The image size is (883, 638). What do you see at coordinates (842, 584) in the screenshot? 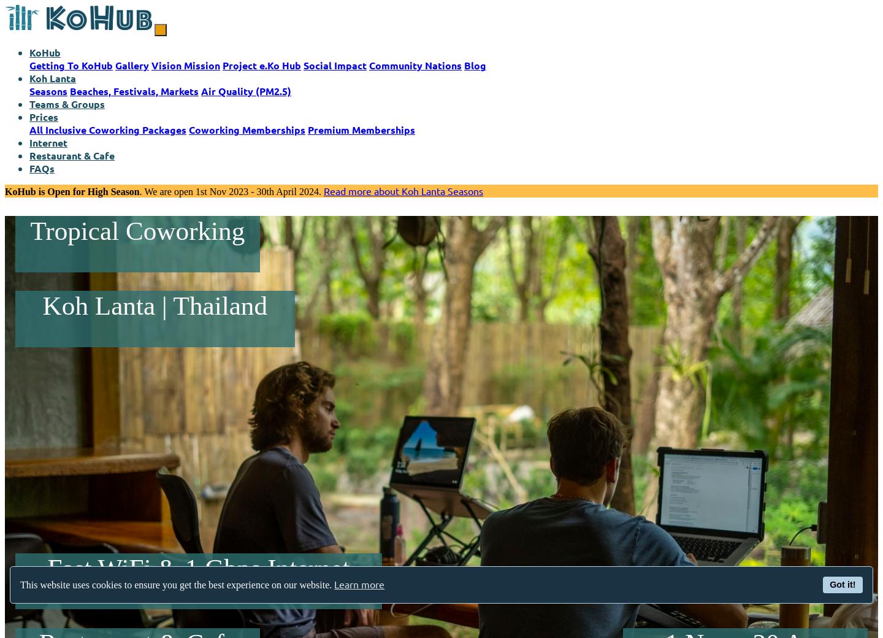
I see `'Got it!'` at bounding box center [842, 584].